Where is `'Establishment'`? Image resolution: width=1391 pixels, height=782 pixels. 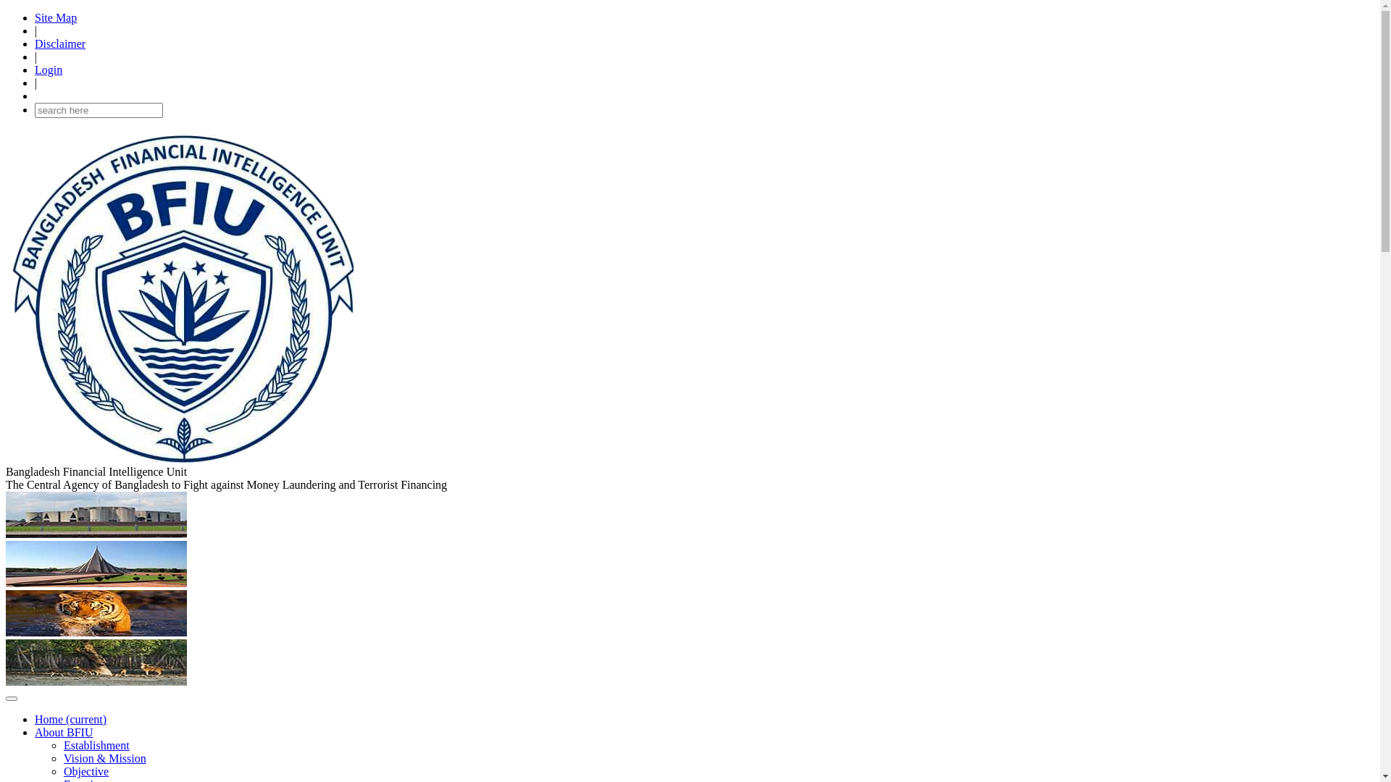 'Establishment' is located at coordinates (96, 745).